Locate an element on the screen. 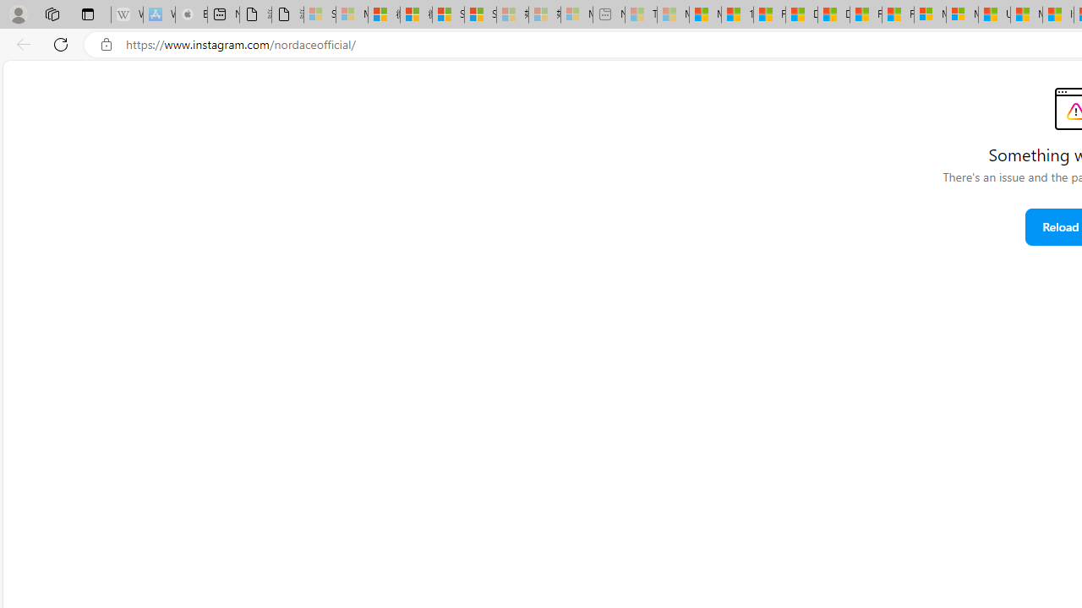  'Sign in to your Microsoft account - Sleeping' is located at coordinates (320, 14).